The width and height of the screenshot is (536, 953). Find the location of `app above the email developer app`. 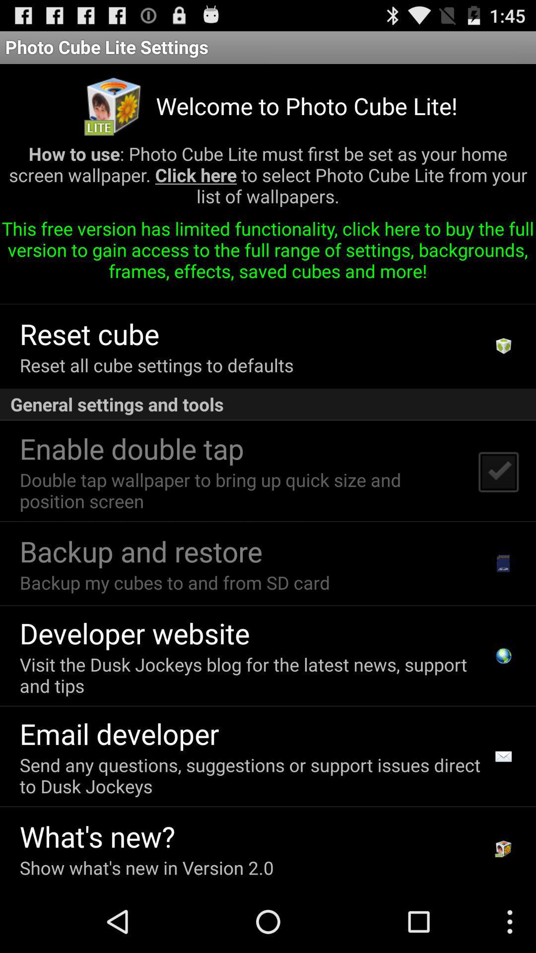

app above the email developer app is located at coordinates (253, 675).